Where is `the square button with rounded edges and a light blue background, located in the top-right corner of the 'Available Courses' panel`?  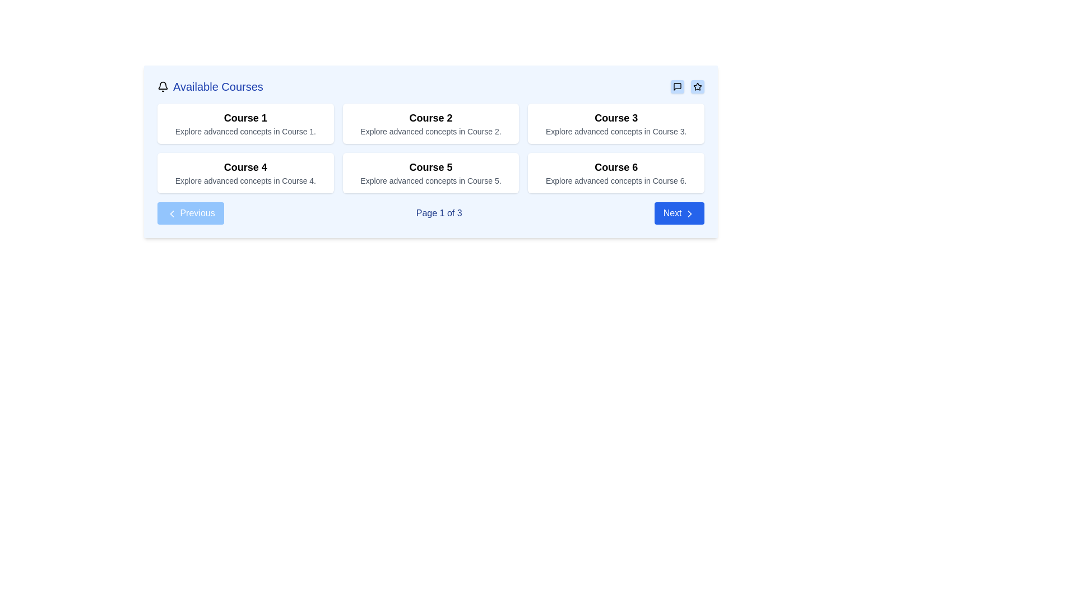
the square button with rounded edges and a light blue background, located in the top-right corner of the 'Available Courses' panel is located at coordinates (677, 86).